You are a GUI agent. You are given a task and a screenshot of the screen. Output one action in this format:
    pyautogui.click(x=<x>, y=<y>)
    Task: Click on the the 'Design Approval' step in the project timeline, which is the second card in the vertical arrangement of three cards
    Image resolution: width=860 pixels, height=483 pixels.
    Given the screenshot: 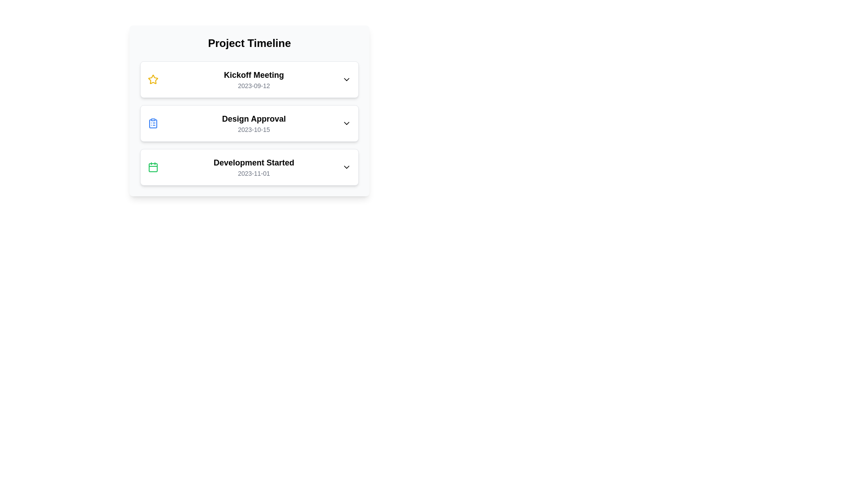 What is the action you would take?
    pyautogui.click(x=249, y=123)
    